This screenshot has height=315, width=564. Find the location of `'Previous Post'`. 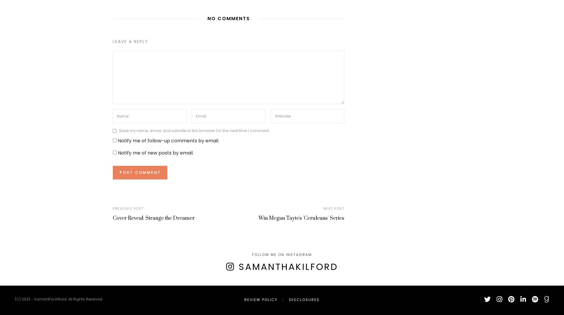

'Previous Post' is located at coordinates (128, 208).